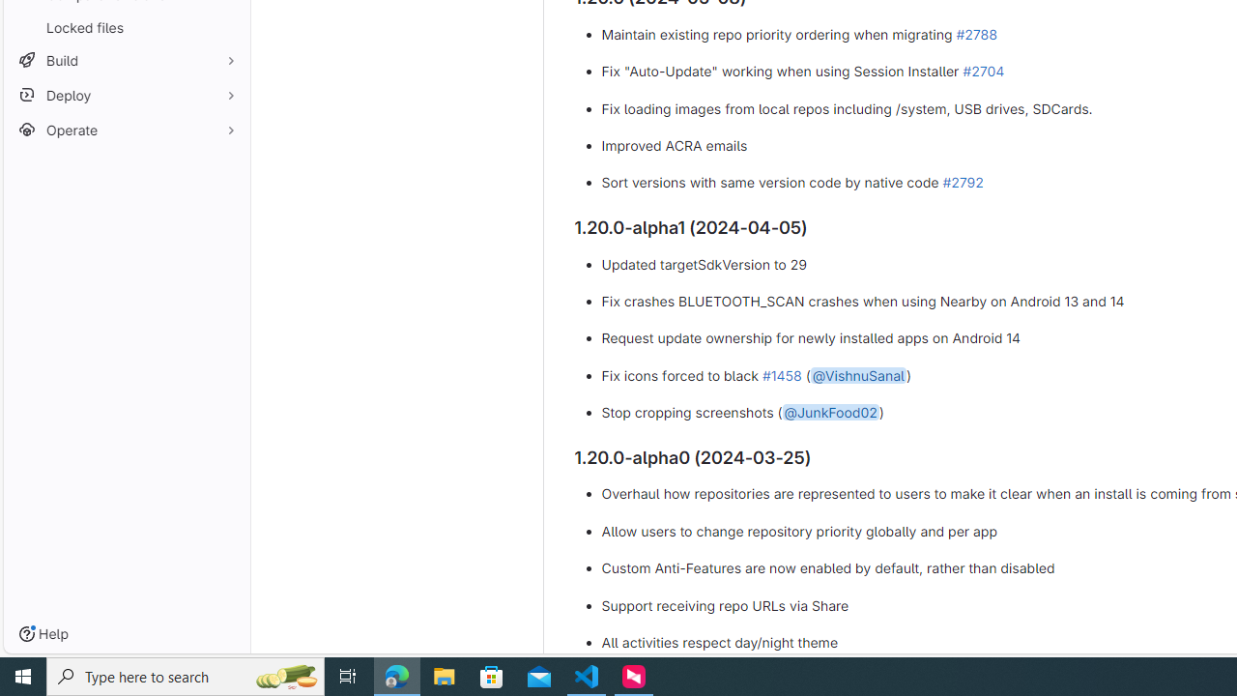  I want to click on 'Type here to search', so click(186, 675).